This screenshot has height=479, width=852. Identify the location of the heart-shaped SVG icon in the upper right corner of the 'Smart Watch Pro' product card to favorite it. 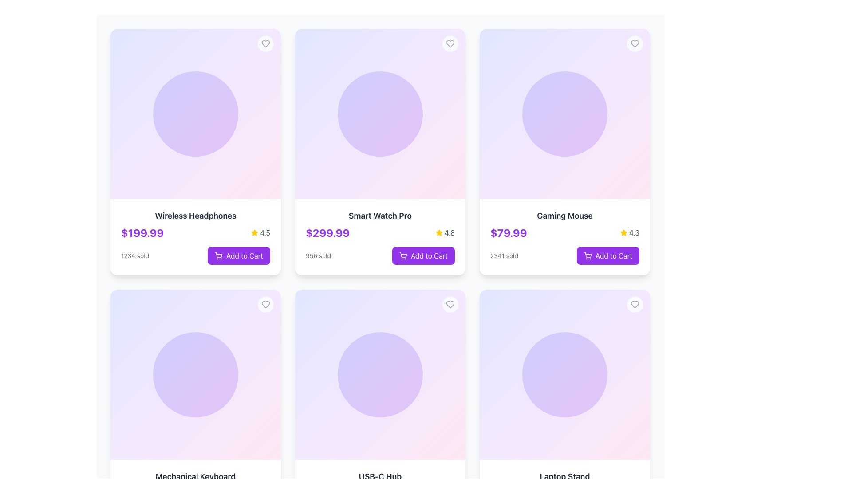
(450, 44).